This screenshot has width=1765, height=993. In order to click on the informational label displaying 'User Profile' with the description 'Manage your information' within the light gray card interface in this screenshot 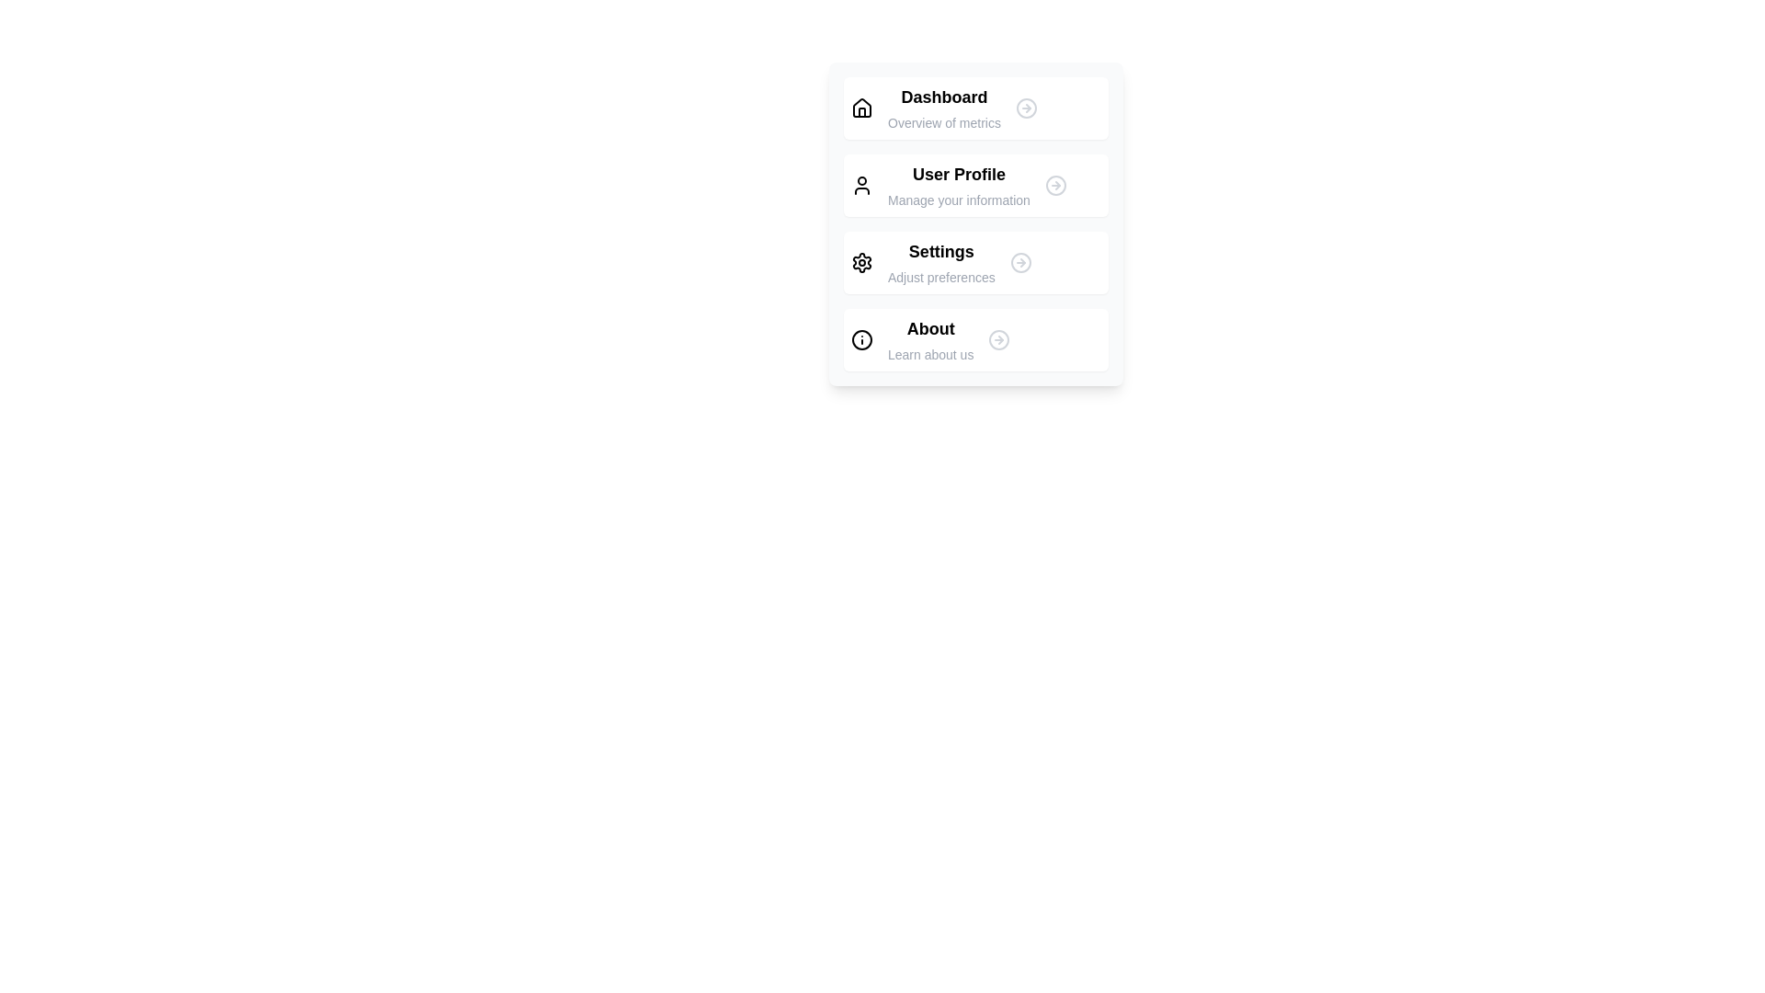, I will do `click(958, 185)`.